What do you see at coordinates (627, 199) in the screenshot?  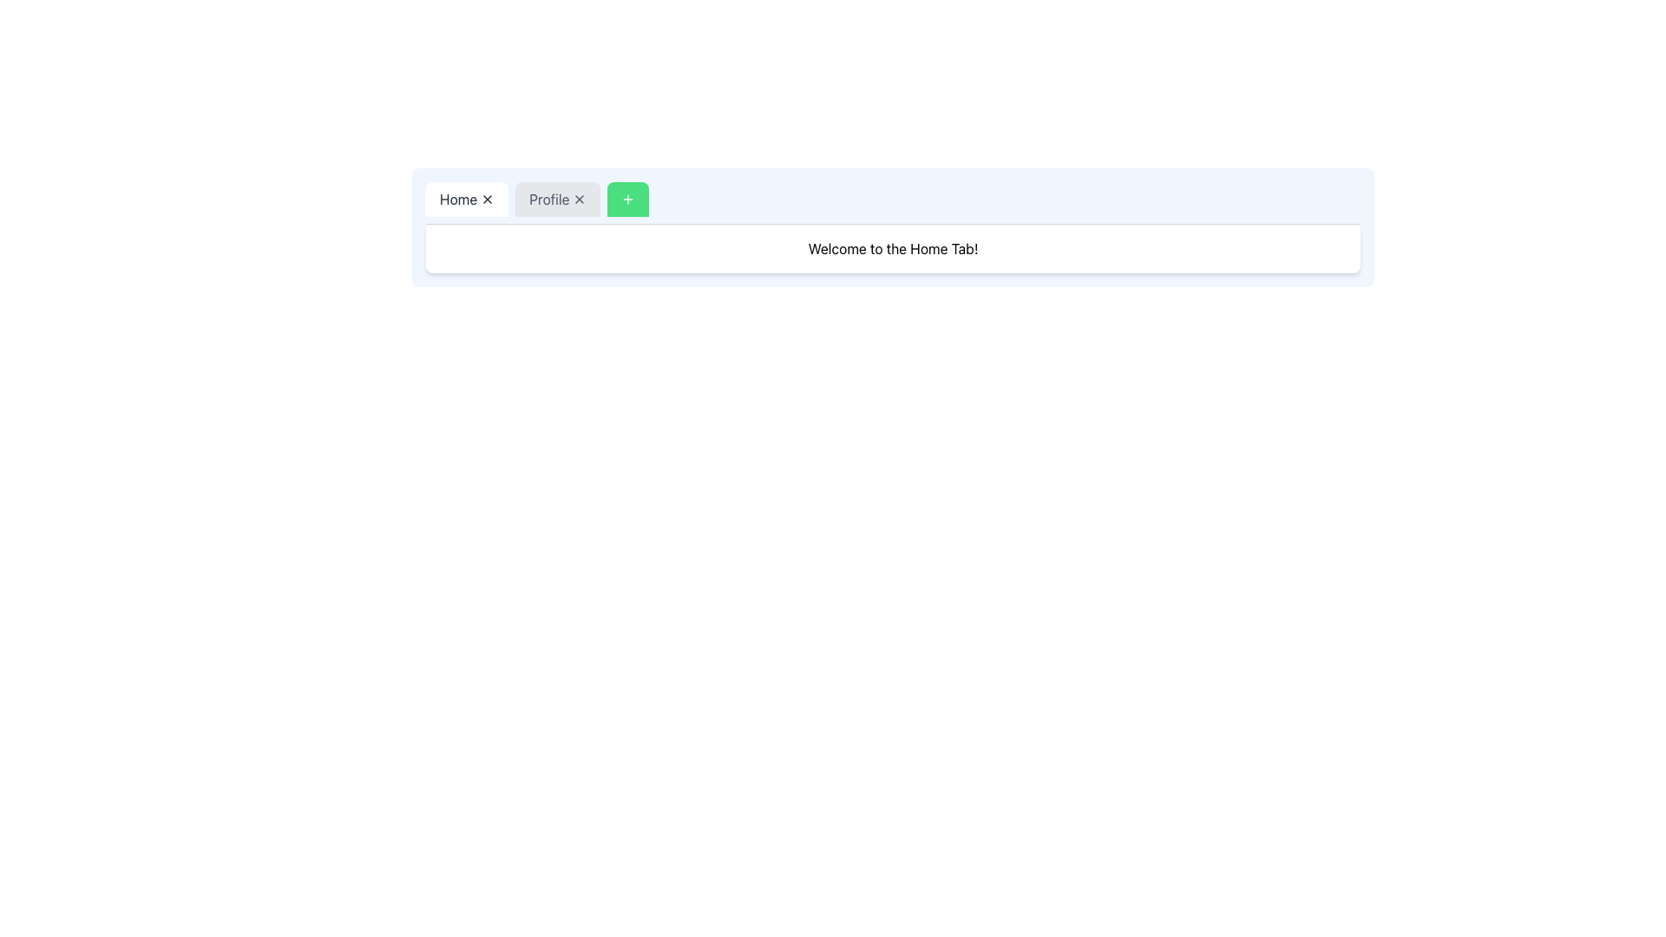 I see `the compact circular icon with a green background and white stroke plus sign, located to the right of the 'Profile' tab in the top navigation bar` at bounding box center [627, 199].